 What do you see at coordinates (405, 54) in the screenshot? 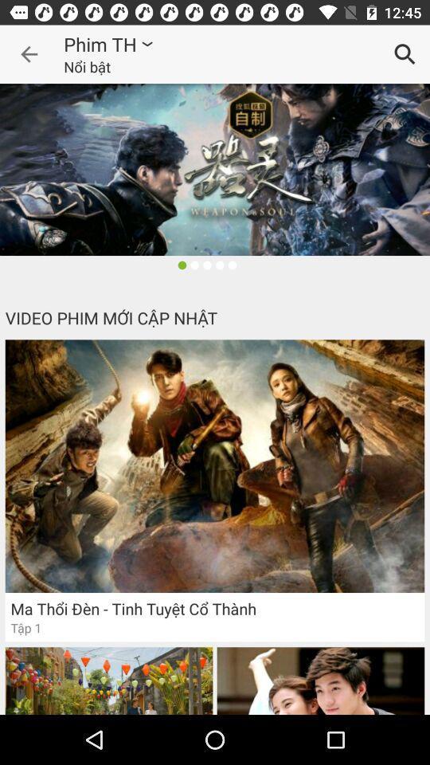
I see `the item at the top right corner` at bounding box center [405, 54].